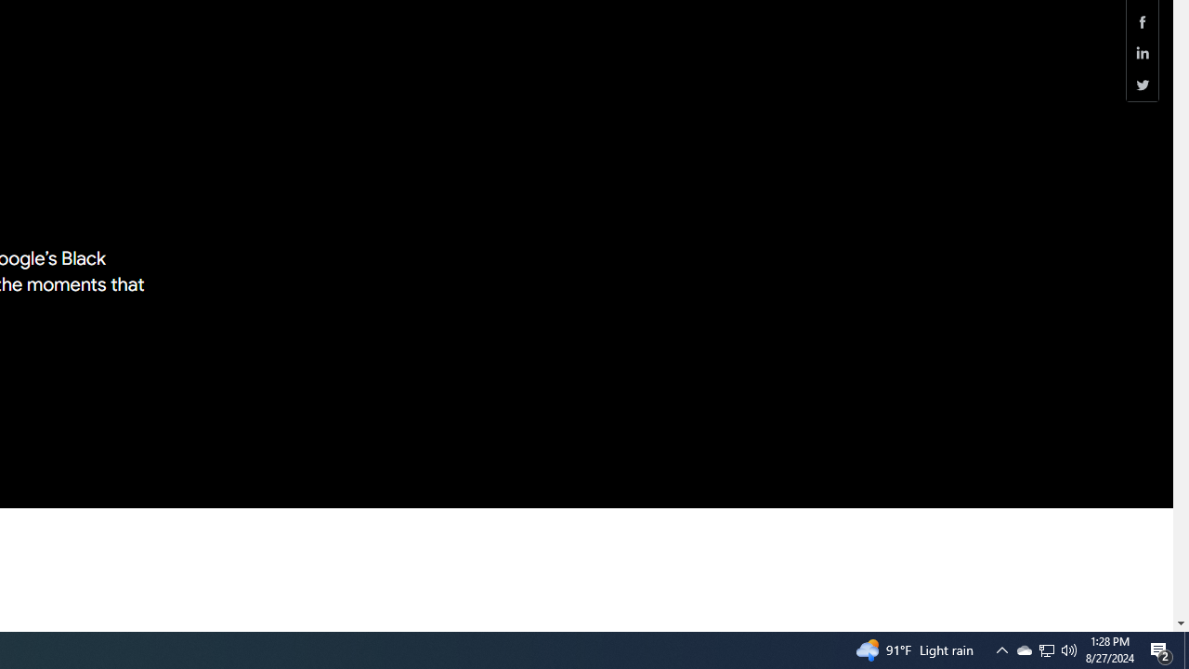 The image size is (1189, 669). What do you see at coordinates (1142, 85) in the screenshot?
I see `'Share this page (Twitter)'` at bounding box center [1142, 85].